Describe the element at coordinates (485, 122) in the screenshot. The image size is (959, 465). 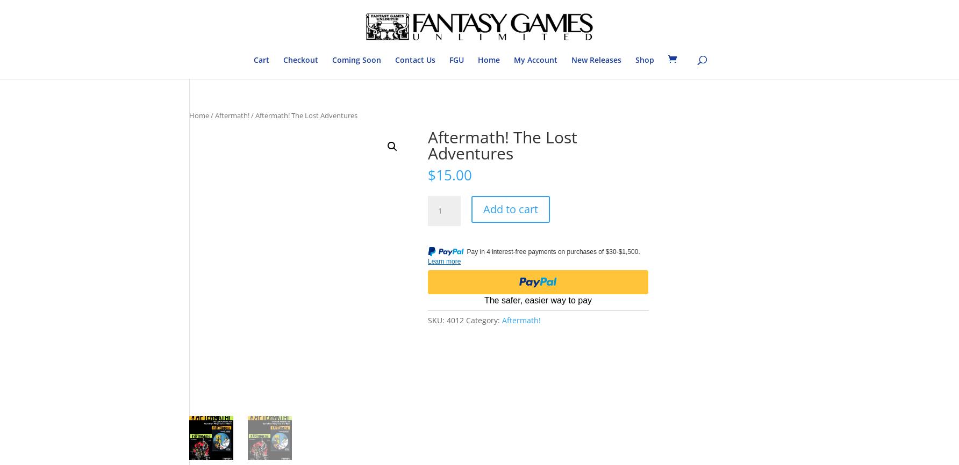
I see `'Bushido'` at that location.